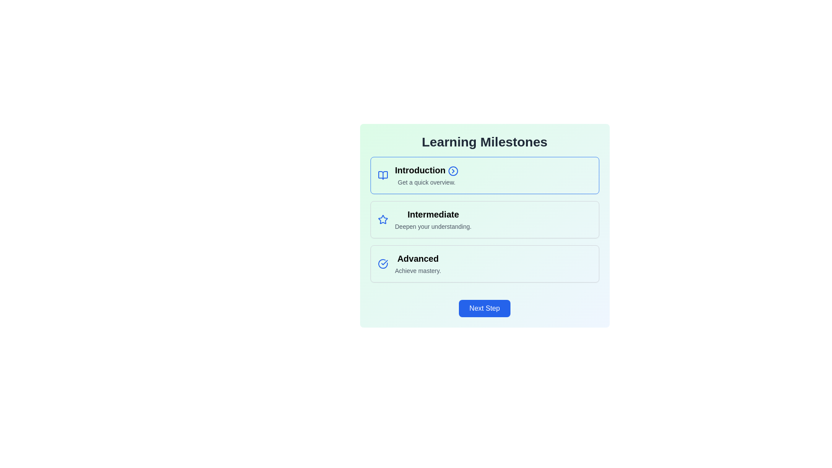 The height and width of the screenshot is (468, 832). Describe the element at coordinates (418, 258) in the screenshot. I see `the heading 'Advanced Achieve mastery.'` at that location.